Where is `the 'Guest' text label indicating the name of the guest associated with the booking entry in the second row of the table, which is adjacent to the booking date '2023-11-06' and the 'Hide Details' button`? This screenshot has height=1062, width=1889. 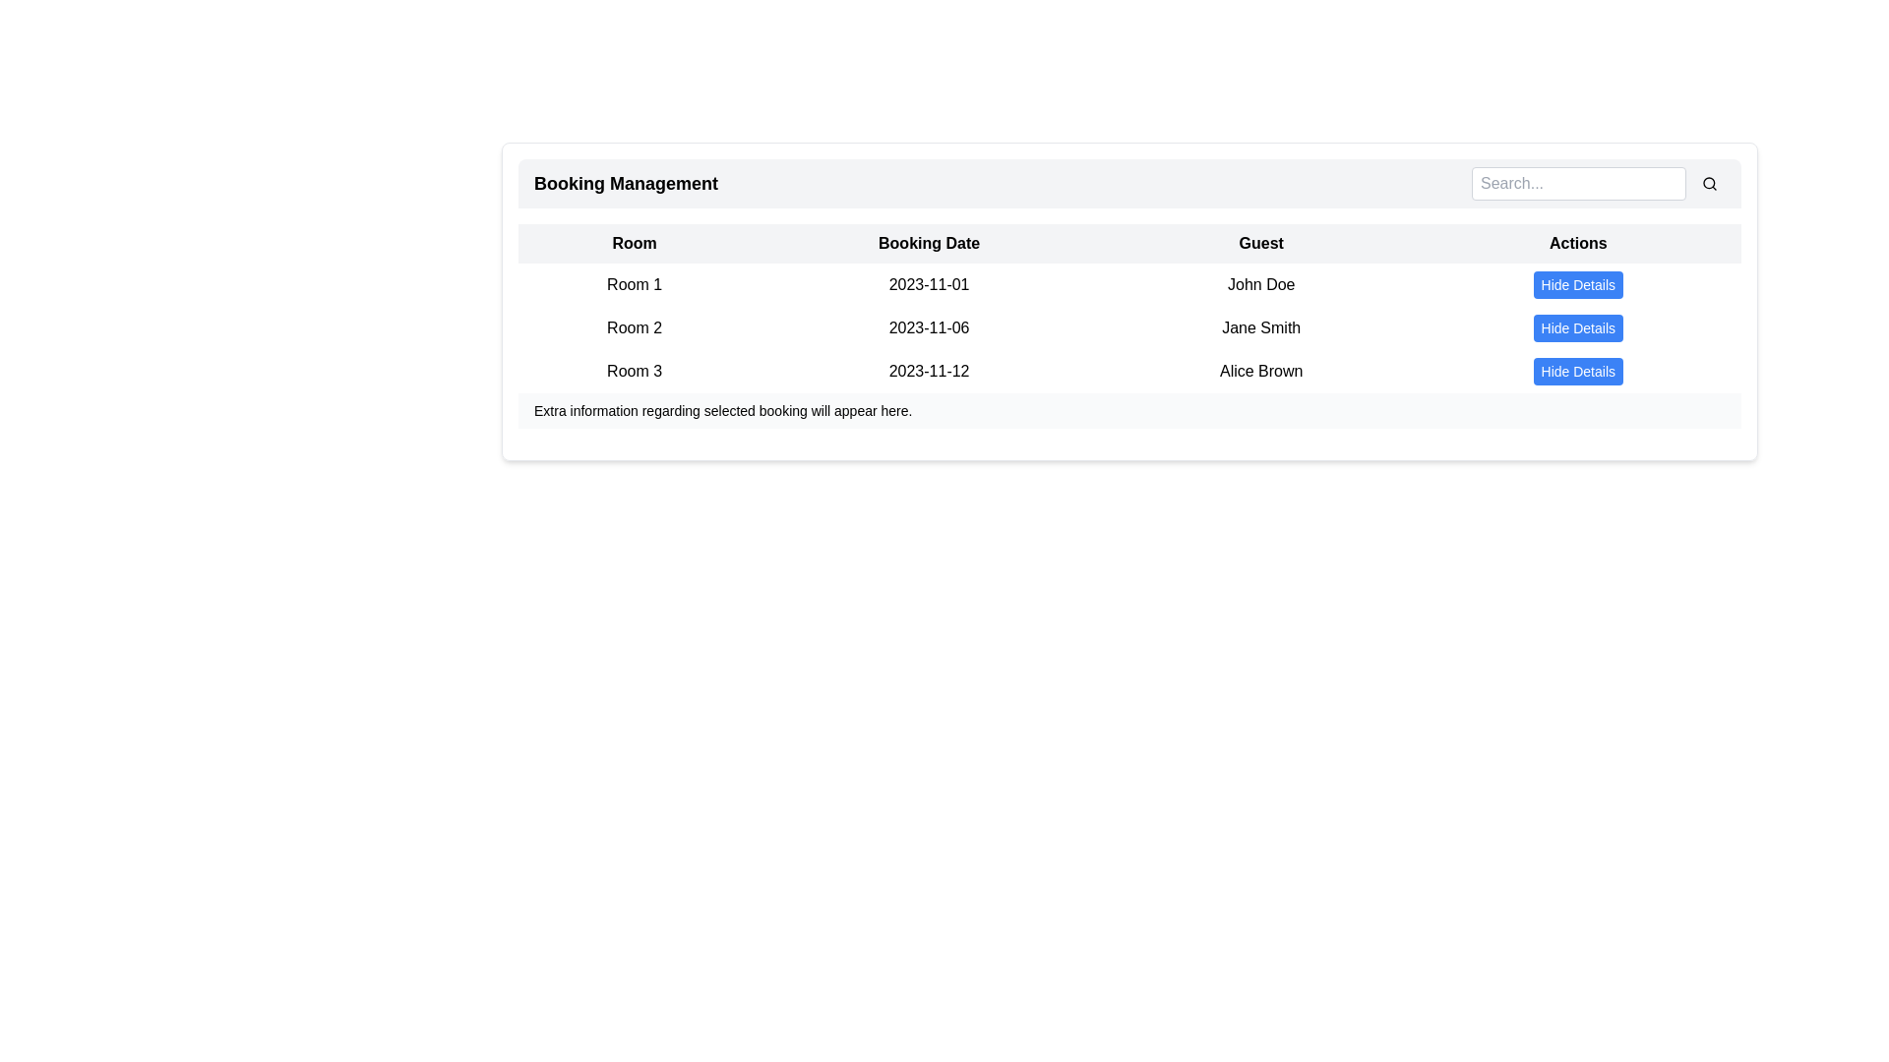
the 'Guest' text label indicating the name of the guest associated with the booking entry in the second row of the table, which is adjacent to the booking date '2023-11-06' and the 'Hide Details' button is located at coordinates (1261, 327).